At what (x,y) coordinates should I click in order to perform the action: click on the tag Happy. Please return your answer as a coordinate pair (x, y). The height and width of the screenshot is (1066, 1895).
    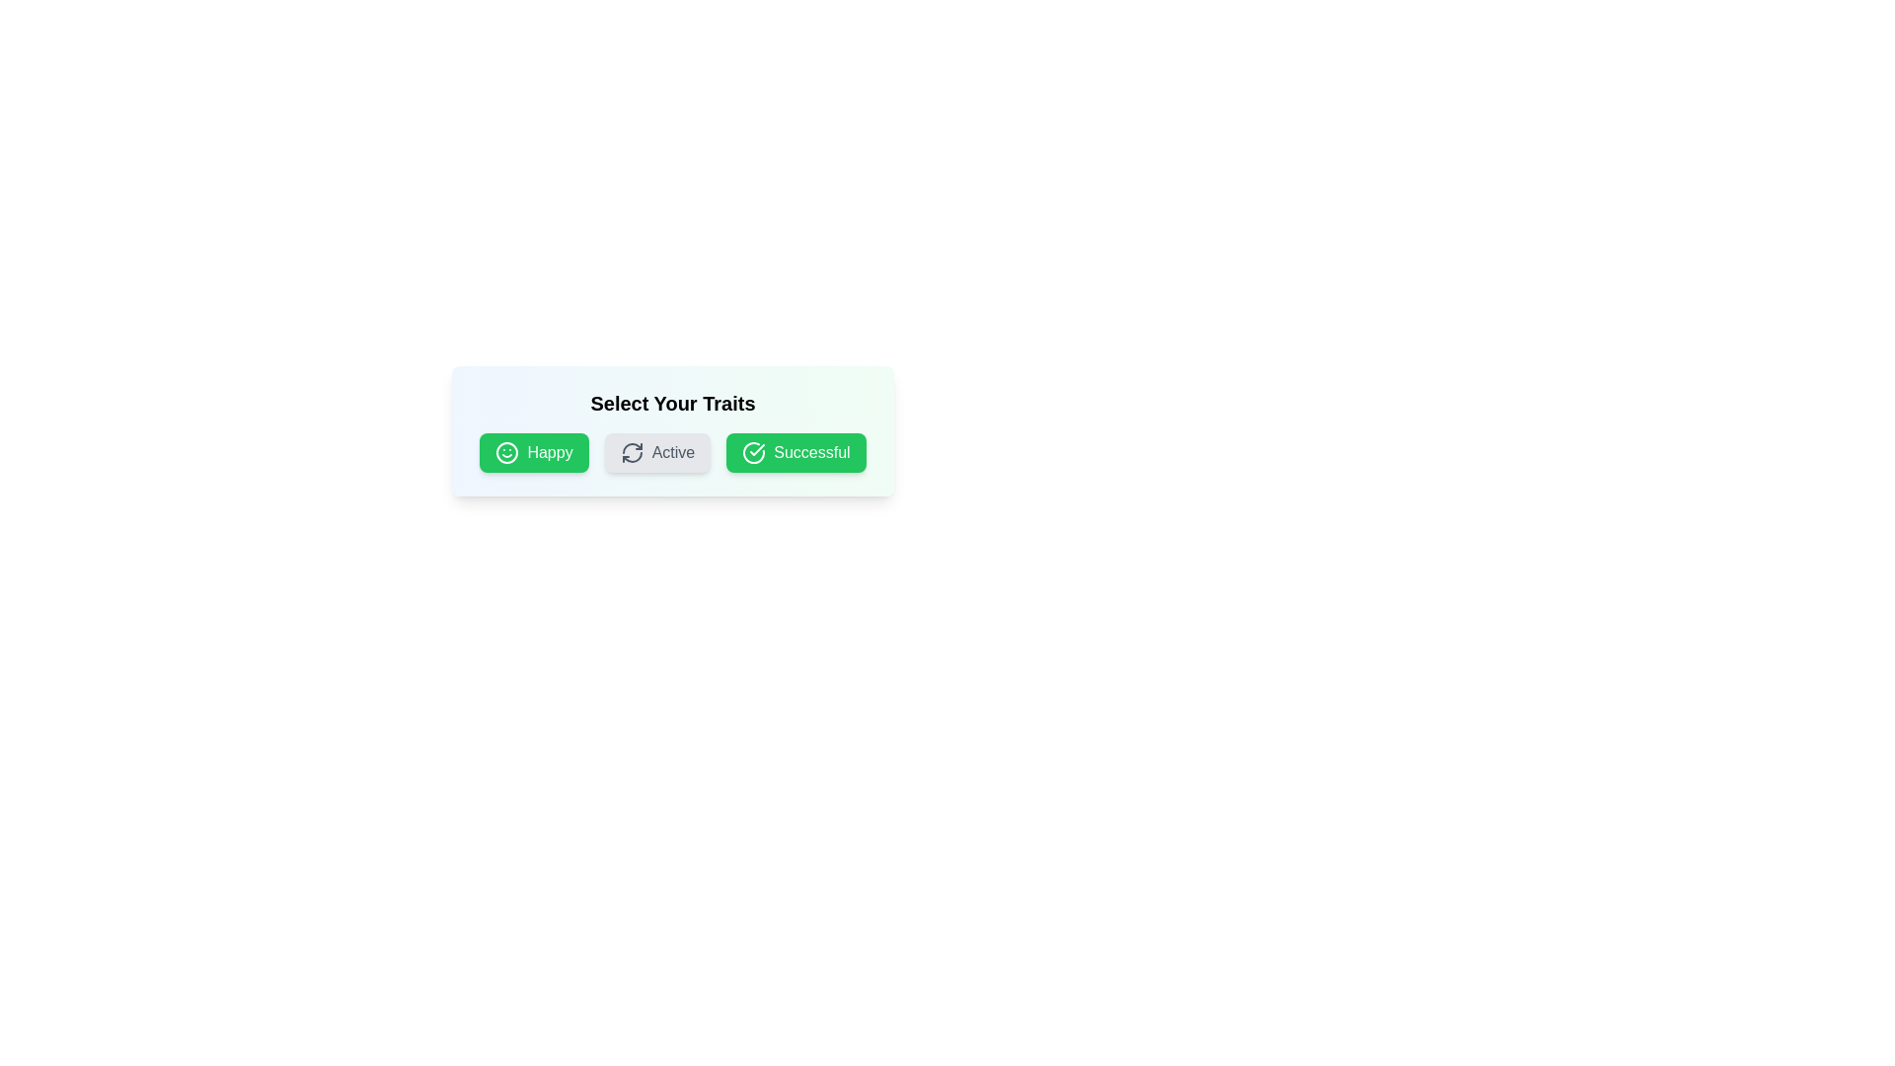
    Looking at the image, I should click on (534, 453).